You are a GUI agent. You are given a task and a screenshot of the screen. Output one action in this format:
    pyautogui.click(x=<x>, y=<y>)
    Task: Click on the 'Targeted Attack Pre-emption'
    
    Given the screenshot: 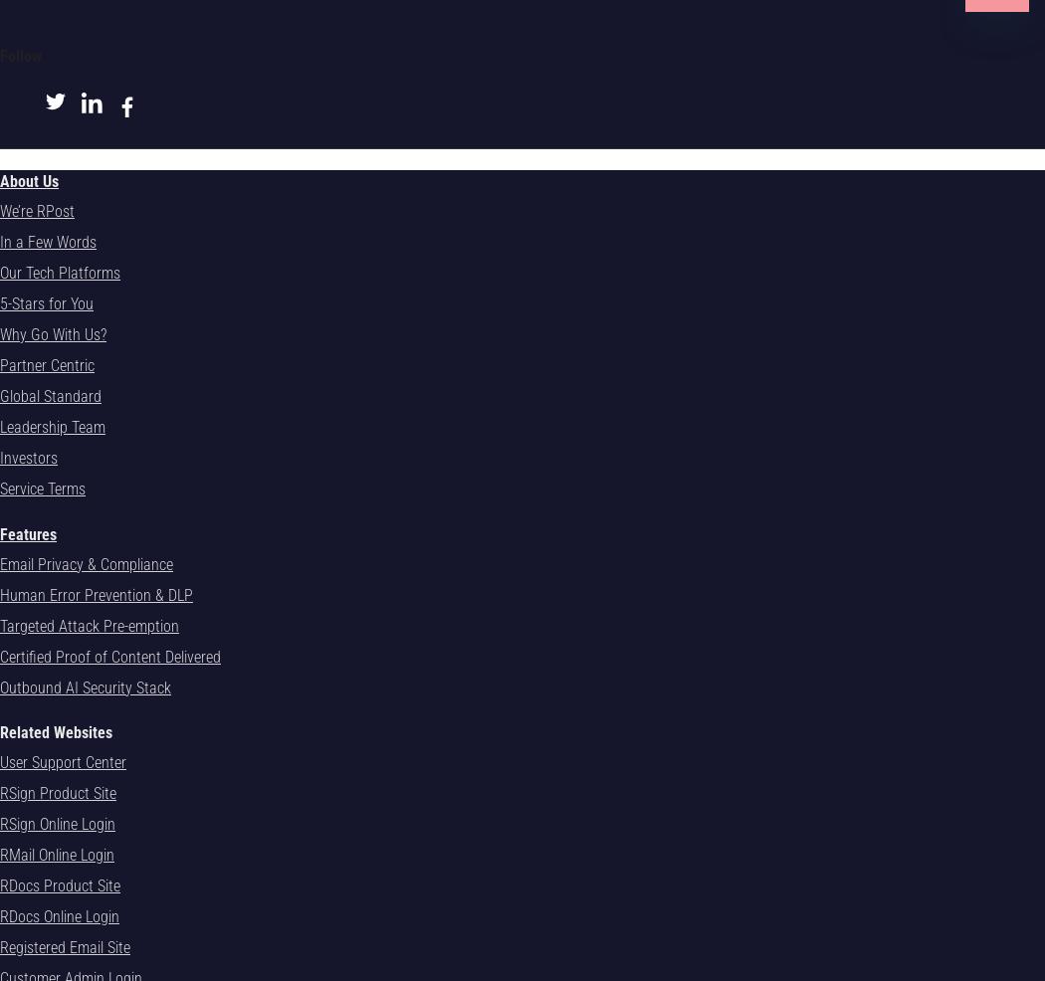 What is the action you would take?
    pyautogui.click(x=89, y=625)
    